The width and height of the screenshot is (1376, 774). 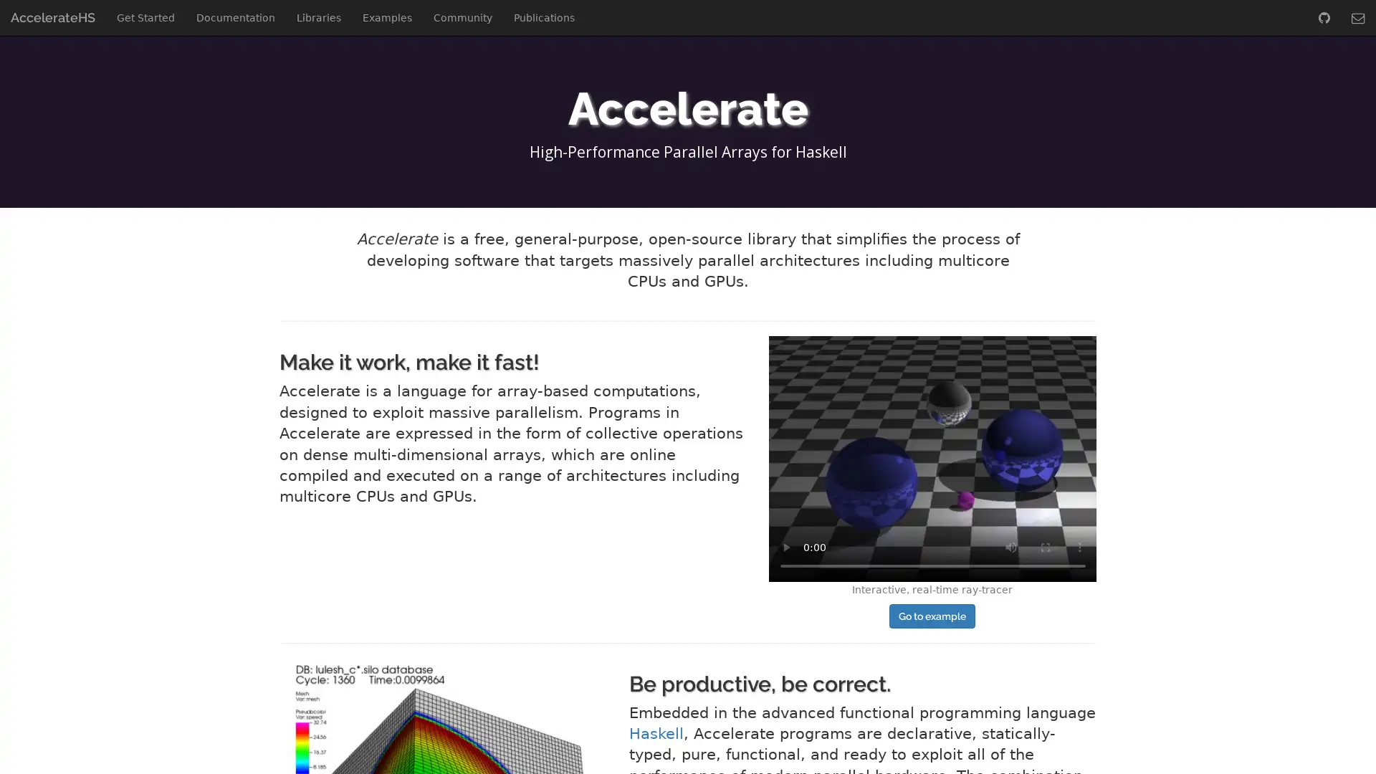 I want to click on show more media controls, so click(x=1079, y=547).